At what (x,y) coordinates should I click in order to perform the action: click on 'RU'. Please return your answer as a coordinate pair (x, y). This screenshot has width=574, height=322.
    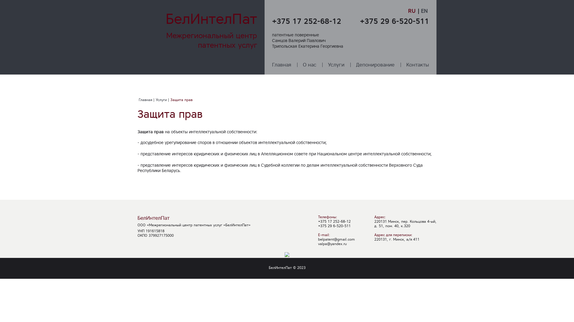
    Looking at the image, I should click on (412, 11).